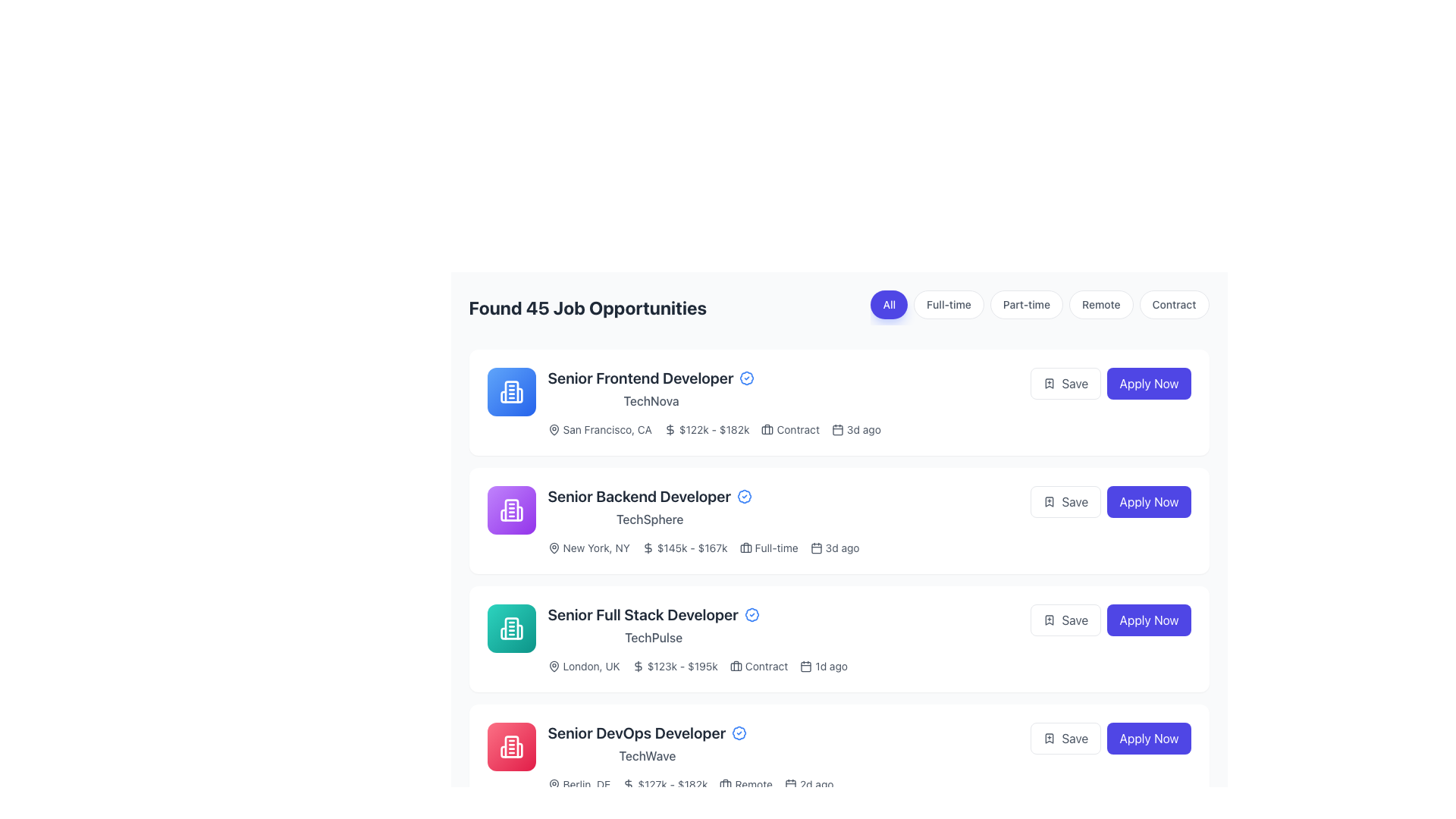 The image size is (1456, 819). I want to click on the calendar icon located in the timeline of the third job listing card from the top, positioned directly to the left of the '1d ago' timestamp, so click(805, 666).